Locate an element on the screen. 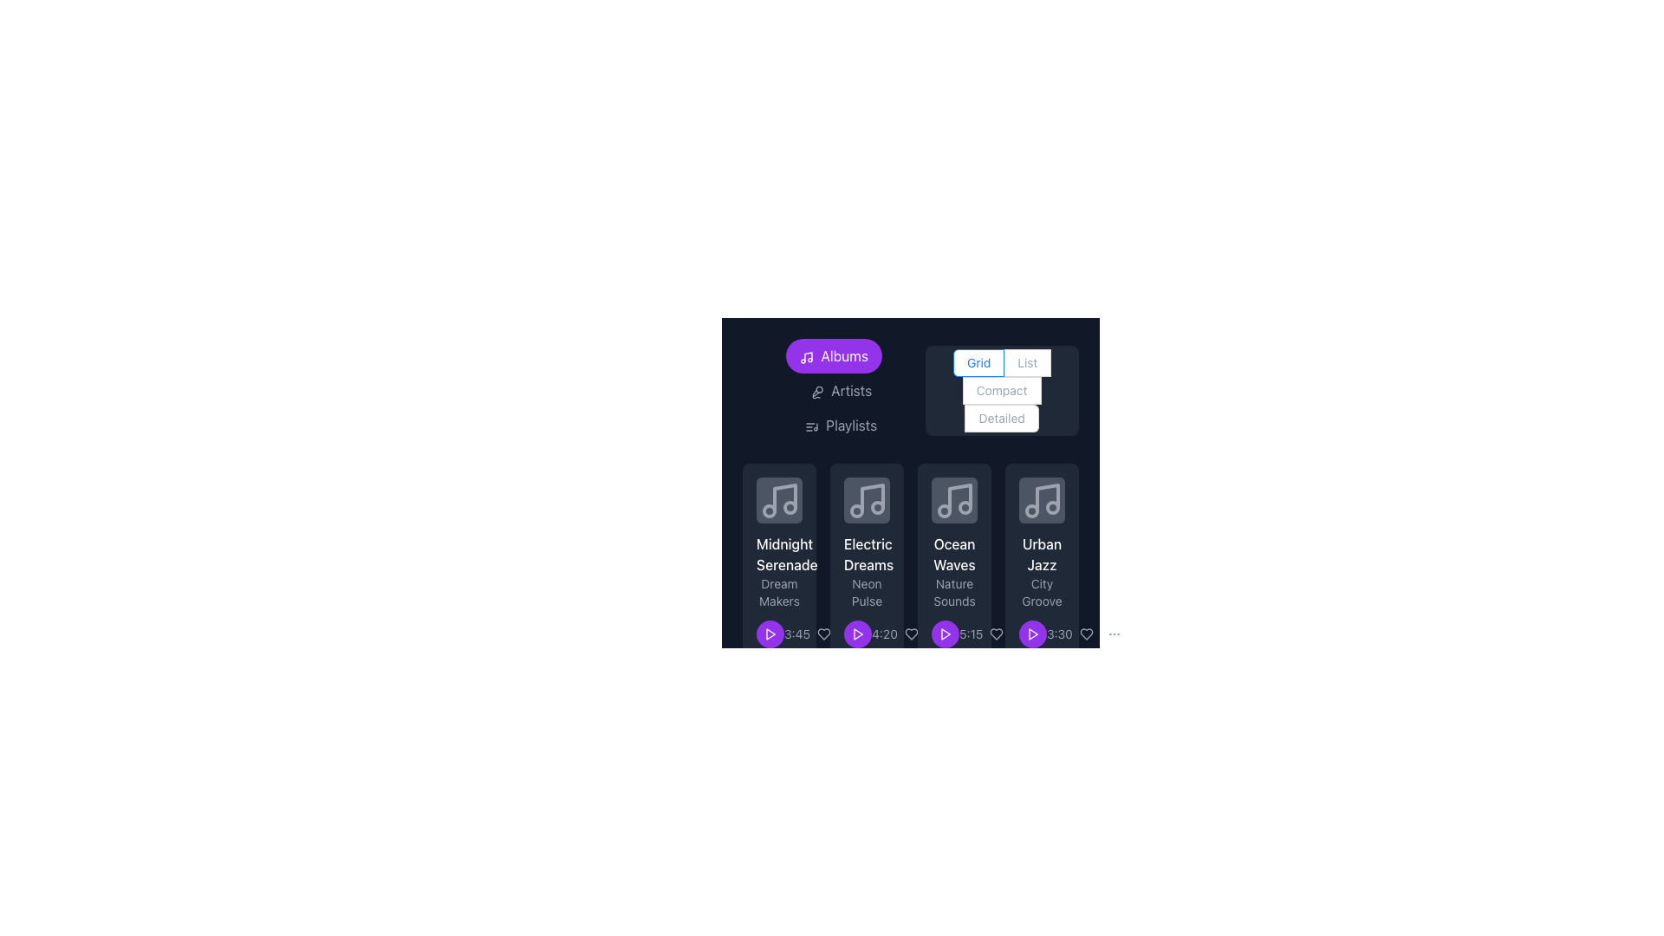 The width and height of the screenshot is (1664, 936). the circular button with three vertically-aligned dots (ellipsis icon) in the bottom-right corner of the interface is located at coordinates (852, 634).